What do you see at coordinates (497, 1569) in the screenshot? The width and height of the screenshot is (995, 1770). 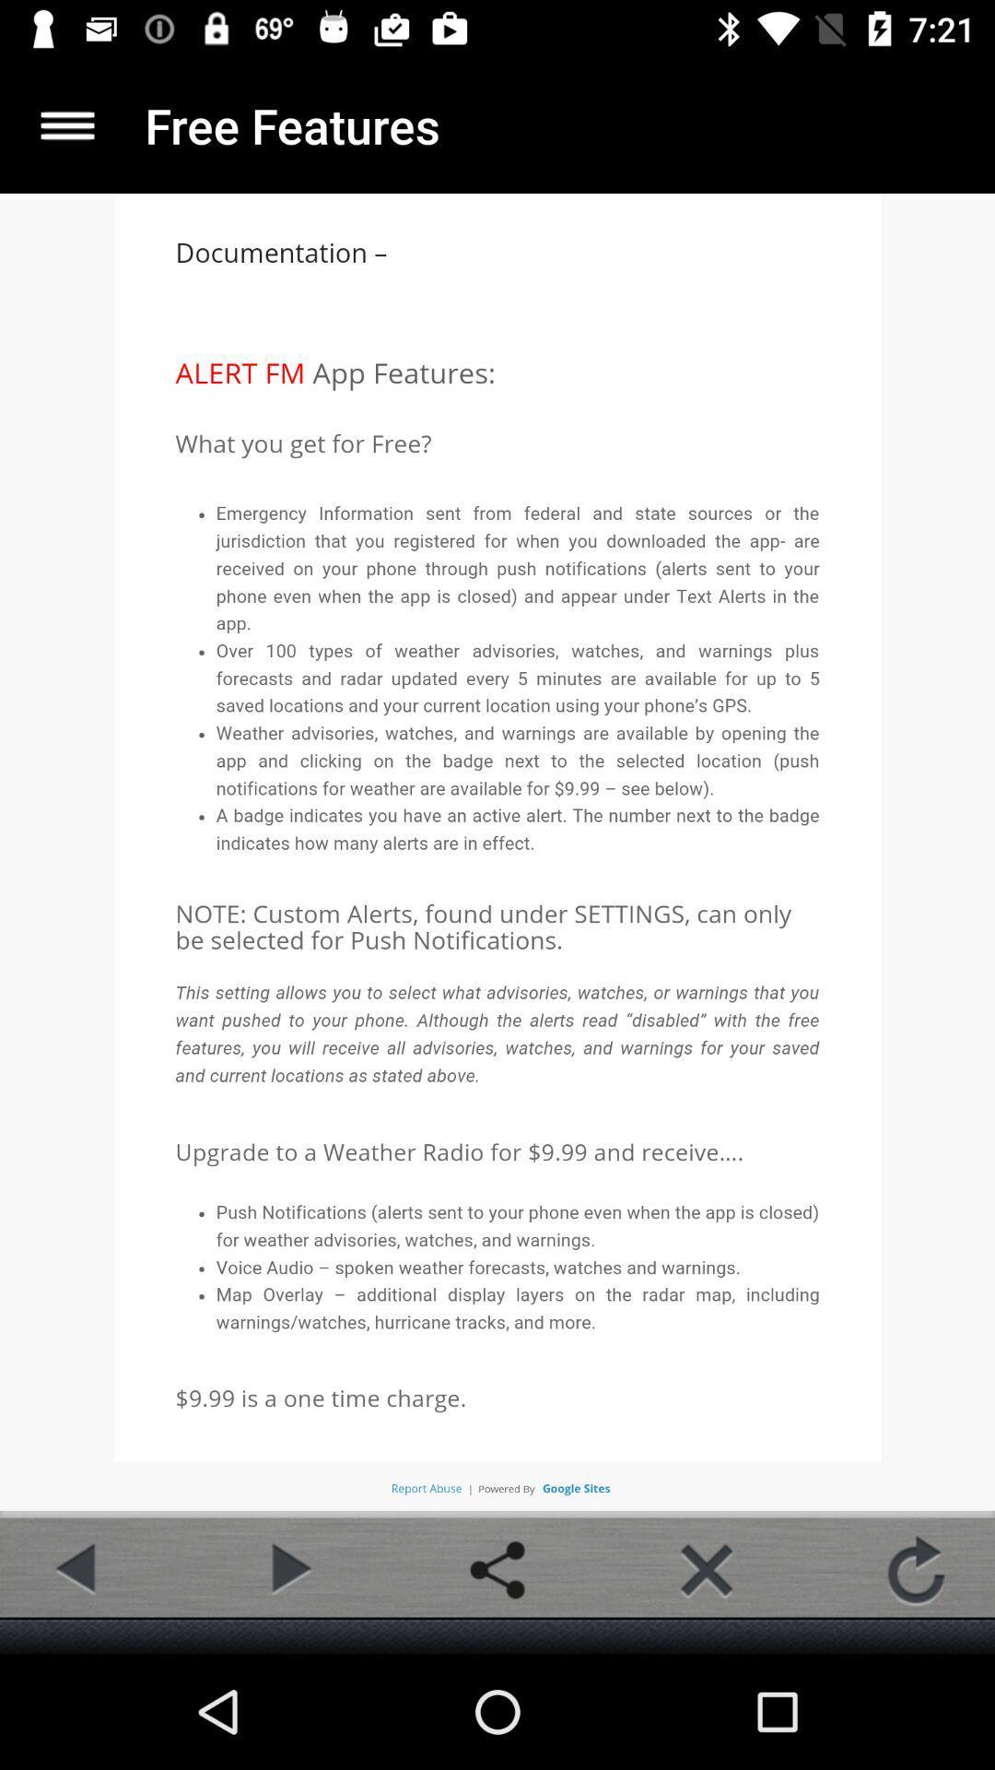 I see `share button` at bounding box center [497, 1569].